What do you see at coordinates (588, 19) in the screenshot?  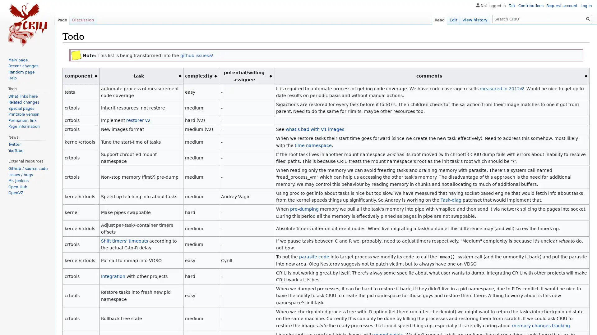 I see `Search` at bounding box center [588, 19].